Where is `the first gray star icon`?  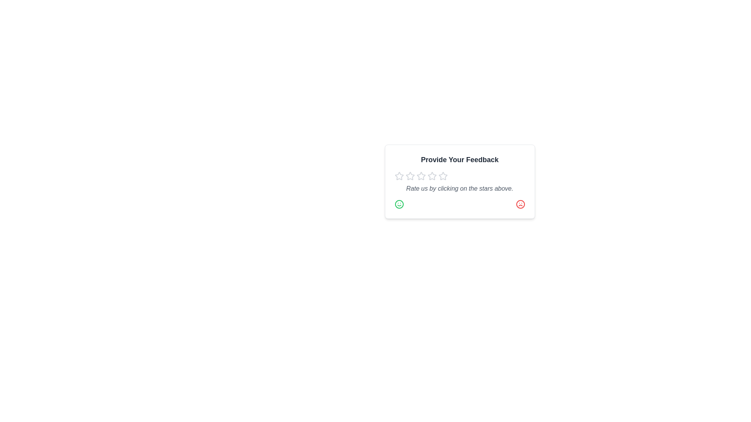 the first gray star icon is located at coordinates (399, 176).